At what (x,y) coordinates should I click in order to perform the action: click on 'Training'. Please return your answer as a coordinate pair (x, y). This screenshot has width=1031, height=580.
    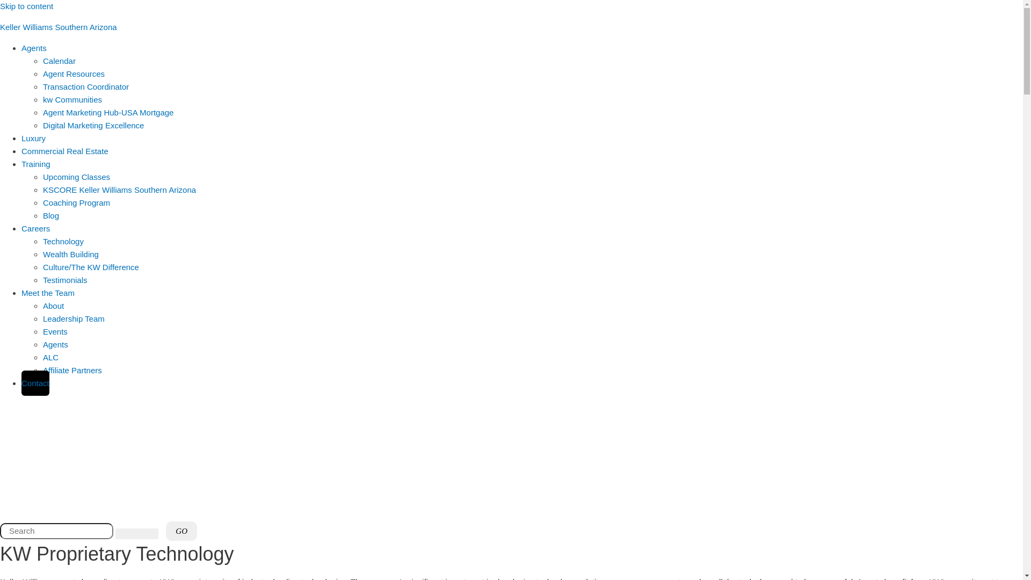
    Looking at the image, I should click on (21, 164).